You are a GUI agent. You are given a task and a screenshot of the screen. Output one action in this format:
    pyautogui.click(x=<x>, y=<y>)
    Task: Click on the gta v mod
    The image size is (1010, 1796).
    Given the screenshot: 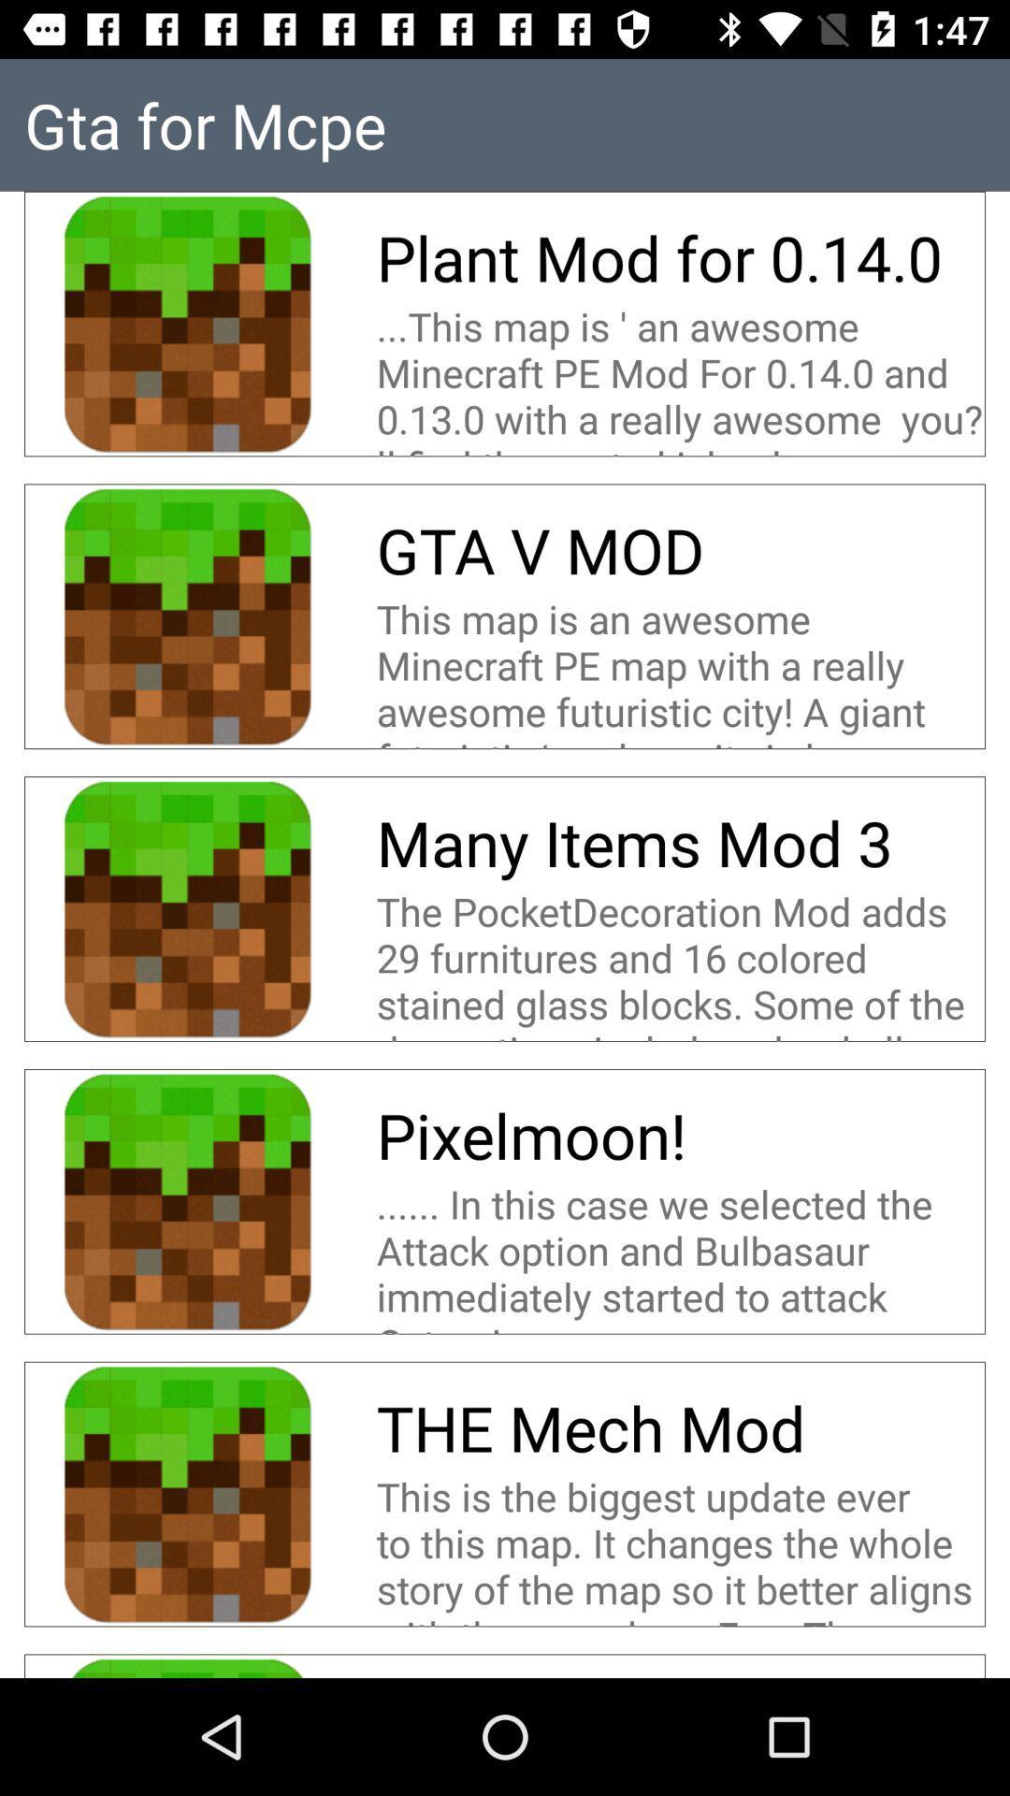 What is the action you would take?
    pyautogui.click(x=540, y=549)
    